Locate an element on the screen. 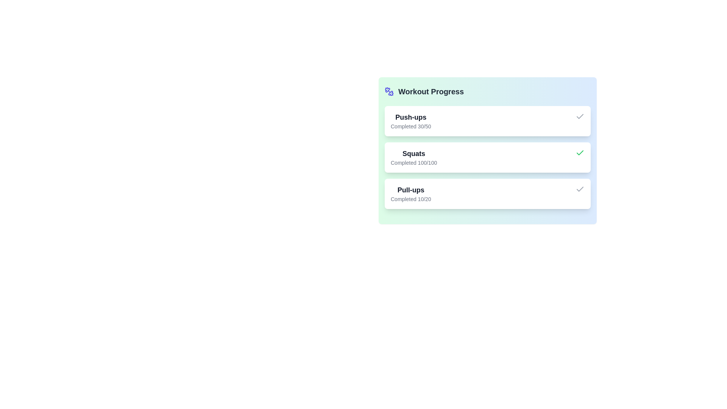  the text block displaying the progress of 'Push-ups' at the top of the workout progress dashboard is located at coordinates (410, 121).